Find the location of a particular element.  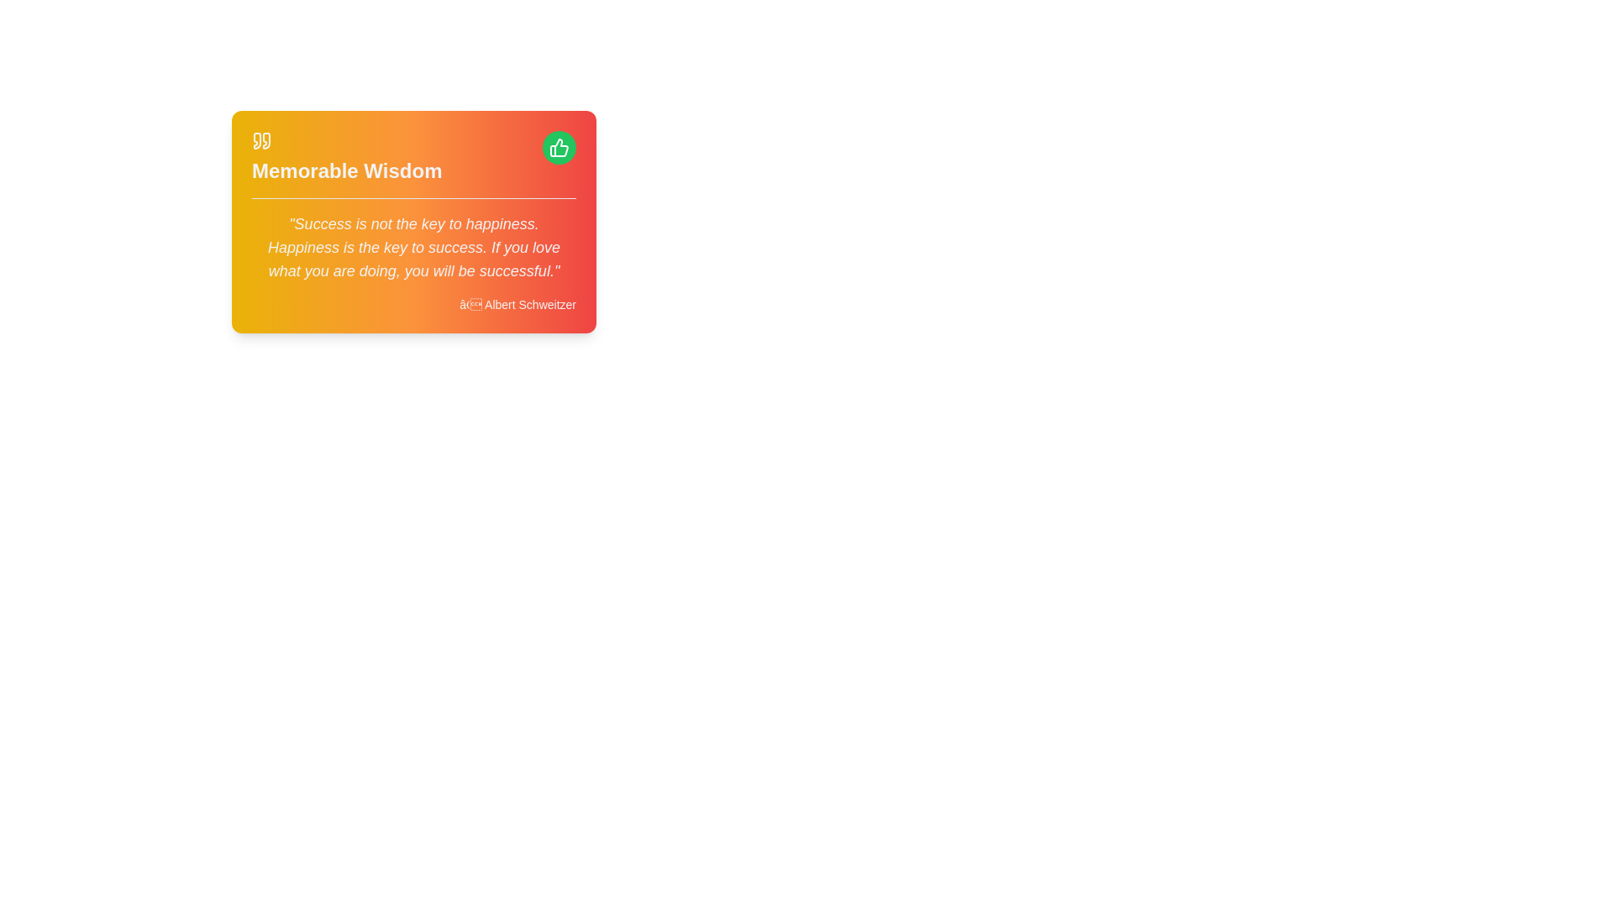

the thumbs-up icon, which is a white icon on a green circular background, located in the top-right corner of the card area, to like or approve is located at coordinates (560, 147).